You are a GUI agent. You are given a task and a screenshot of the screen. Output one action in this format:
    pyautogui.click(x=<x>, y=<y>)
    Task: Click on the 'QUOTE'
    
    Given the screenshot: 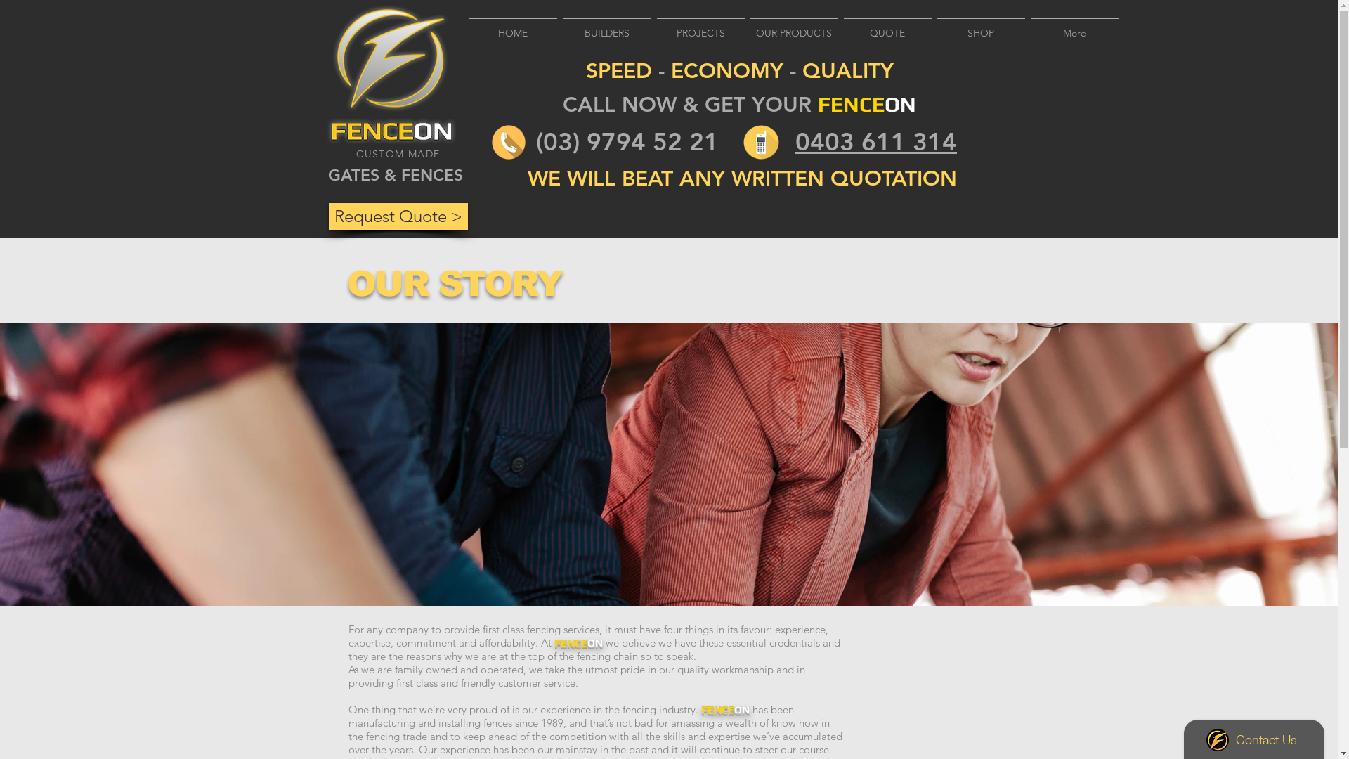 What is the action you would take?
    pyautogui.click(x=886, y=27)
    